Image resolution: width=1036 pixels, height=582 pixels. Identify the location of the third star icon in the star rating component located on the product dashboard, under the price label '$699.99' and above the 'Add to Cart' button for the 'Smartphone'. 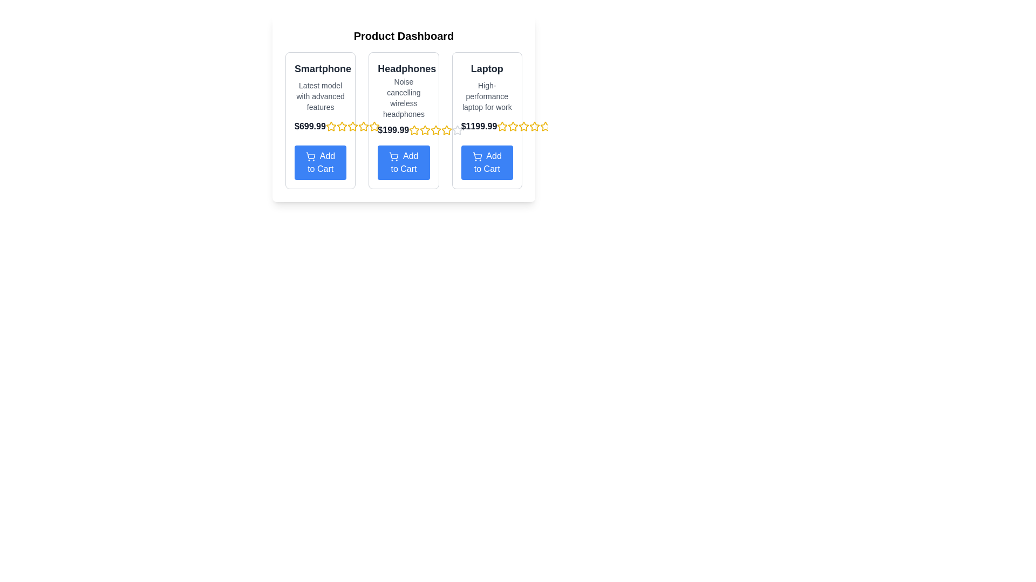
(352, 126).